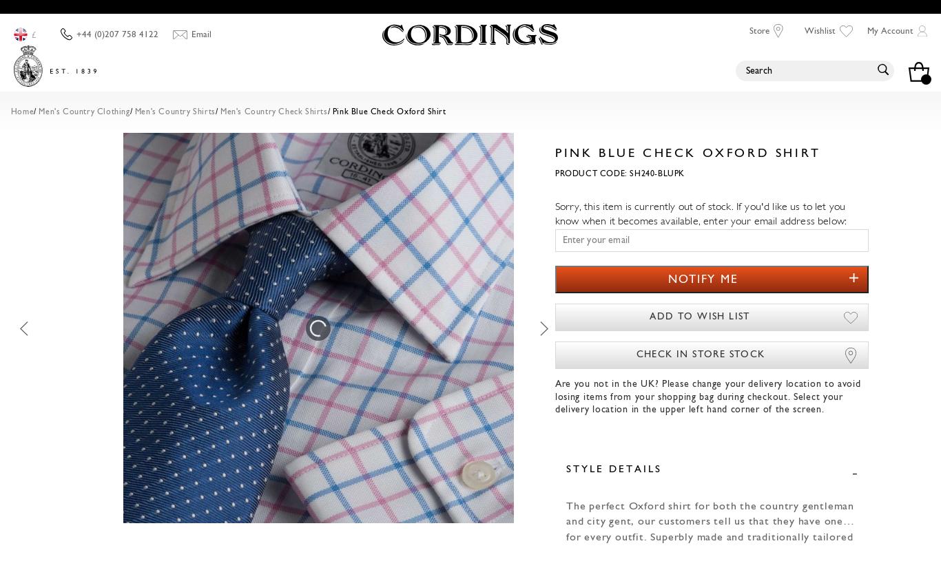  Describe the element at coordinates (618, 173) in the screenshot. I see `'Product Code: SH240-BLUPK'` at that location.